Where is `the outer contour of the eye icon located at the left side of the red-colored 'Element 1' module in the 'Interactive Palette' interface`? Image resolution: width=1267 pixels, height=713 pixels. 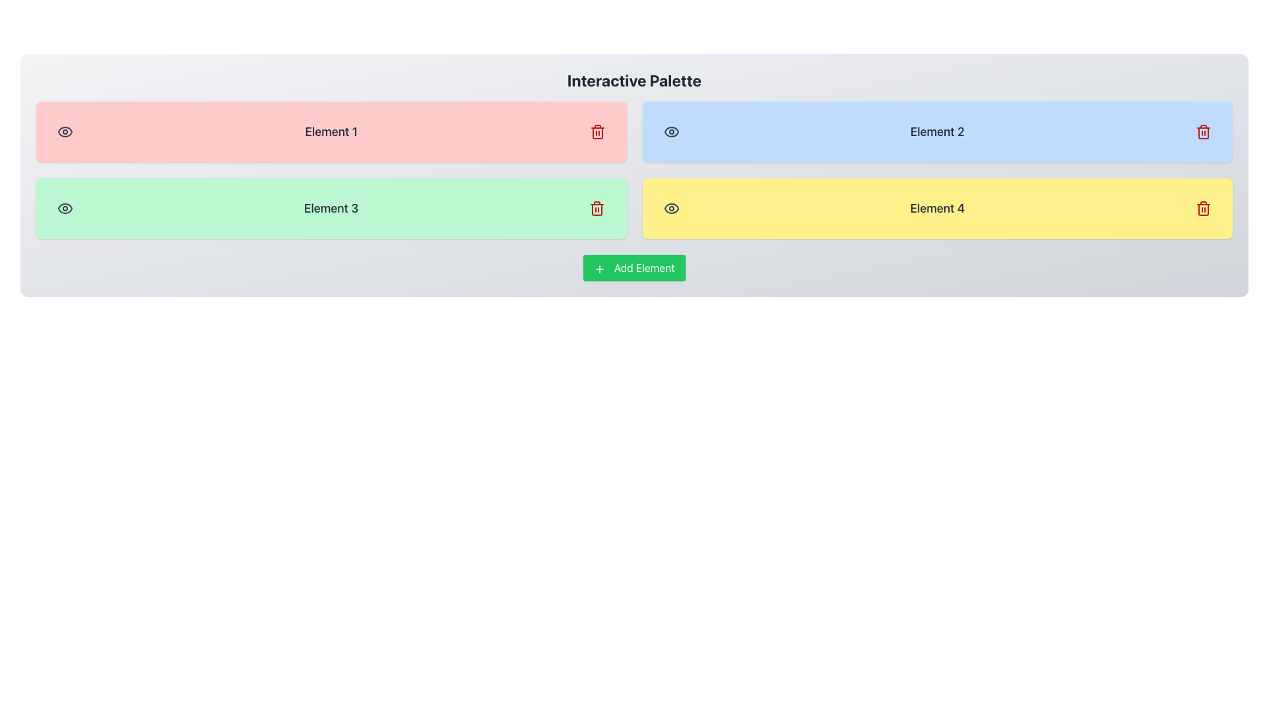 the outer contour of the eye icon located at the left side of the red-colored 'Element 1' module in the 'Interactive Palette' interface is located at coordinates (65, 132).